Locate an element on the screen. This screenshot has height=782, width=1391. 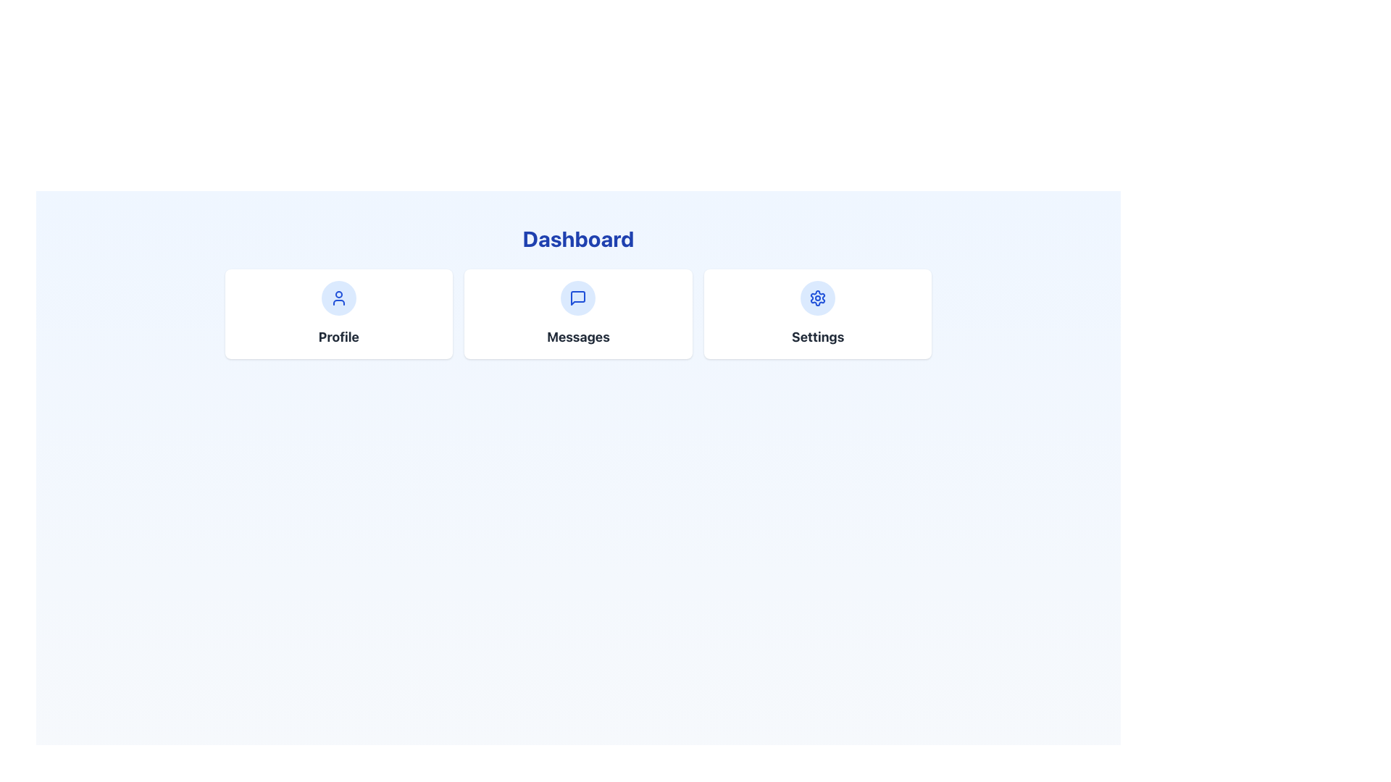
the circular icon with a light blue background and a dark blue outline, which contains a chat bubble symbol, located at the top center of the 'Messages' card is located at coordinates (577, 298).